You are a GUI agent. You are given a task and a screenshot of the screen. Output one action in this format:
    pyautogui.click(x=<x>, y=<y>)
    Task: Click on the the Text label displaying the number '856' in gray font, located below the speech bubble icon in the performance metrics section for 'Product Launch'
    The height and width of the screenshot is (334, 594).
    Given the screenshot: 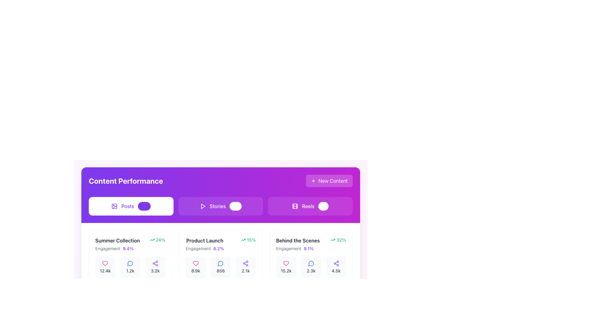 What is the action you would take?
    pyautogui.click(x=221, y=270)
    